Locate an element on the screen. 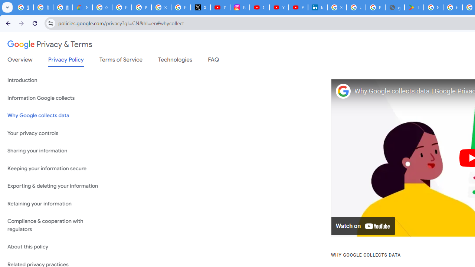 This screenshot has width=475, height=267. 'Google Workspace - Specific Terms' is located at coordinates (452, 7).